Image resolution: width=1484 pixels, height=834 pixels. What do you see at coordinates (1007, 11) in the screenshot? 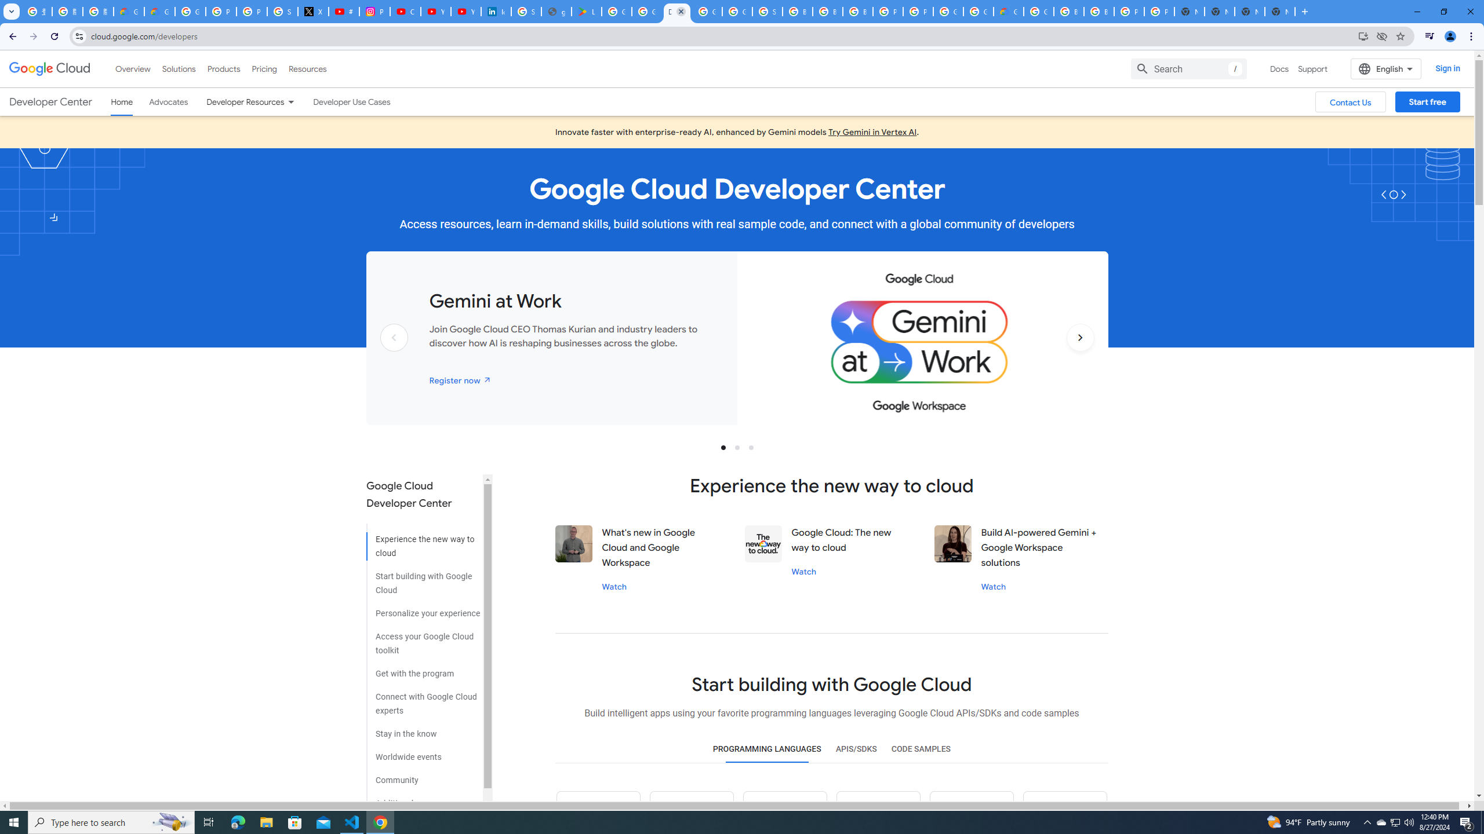
I see `'Google Cloud Estimate Summary'` at bounding box center [1007, 11].